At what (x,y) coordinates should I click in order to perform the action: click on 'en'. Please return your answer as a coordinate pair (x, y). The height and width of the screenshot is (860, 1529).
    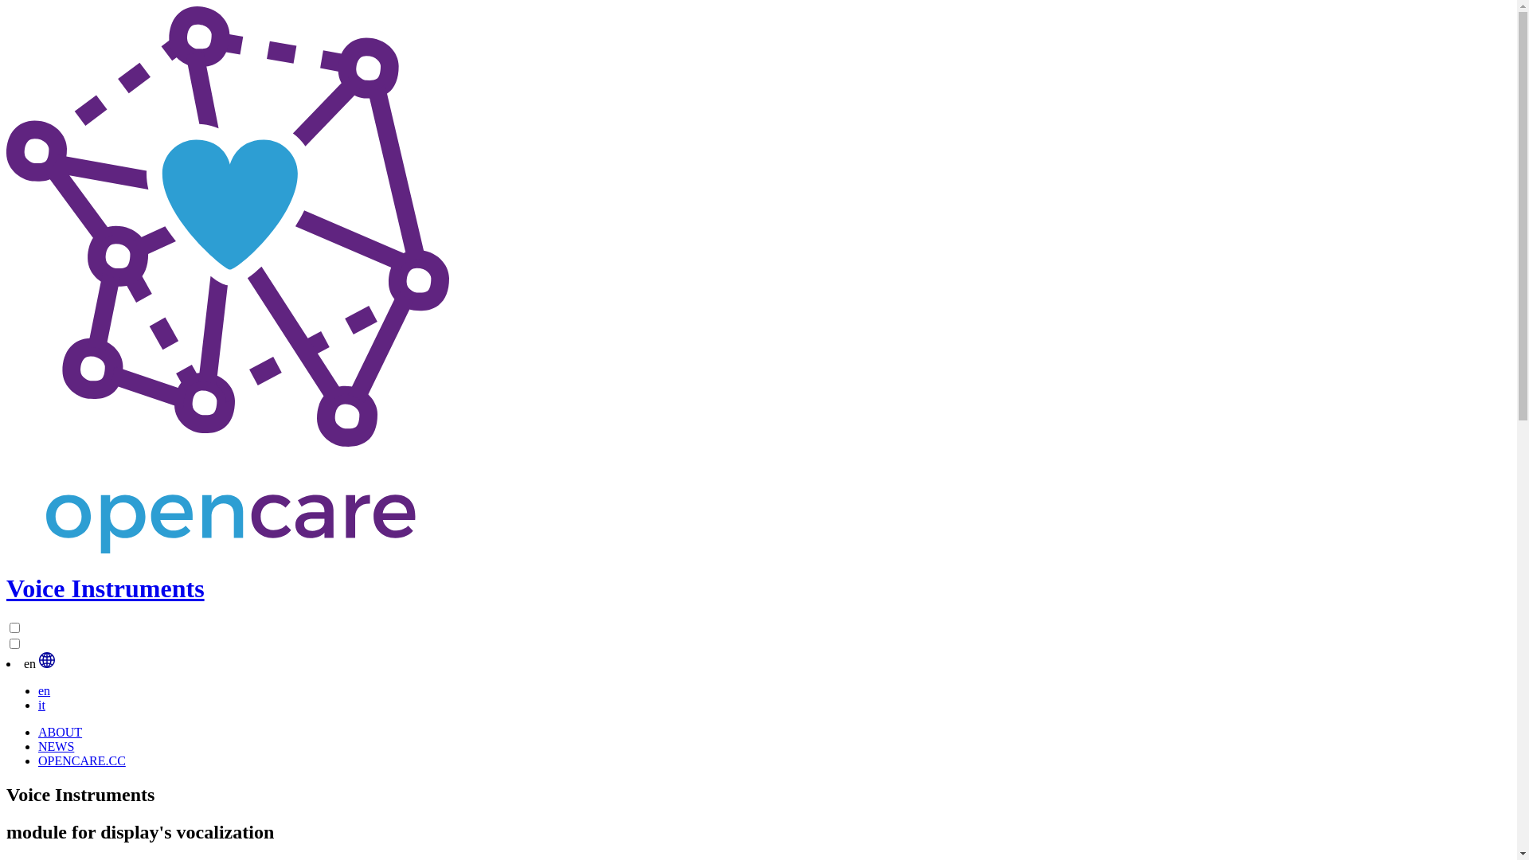
    Looking at the image, I should click on (38, 690).